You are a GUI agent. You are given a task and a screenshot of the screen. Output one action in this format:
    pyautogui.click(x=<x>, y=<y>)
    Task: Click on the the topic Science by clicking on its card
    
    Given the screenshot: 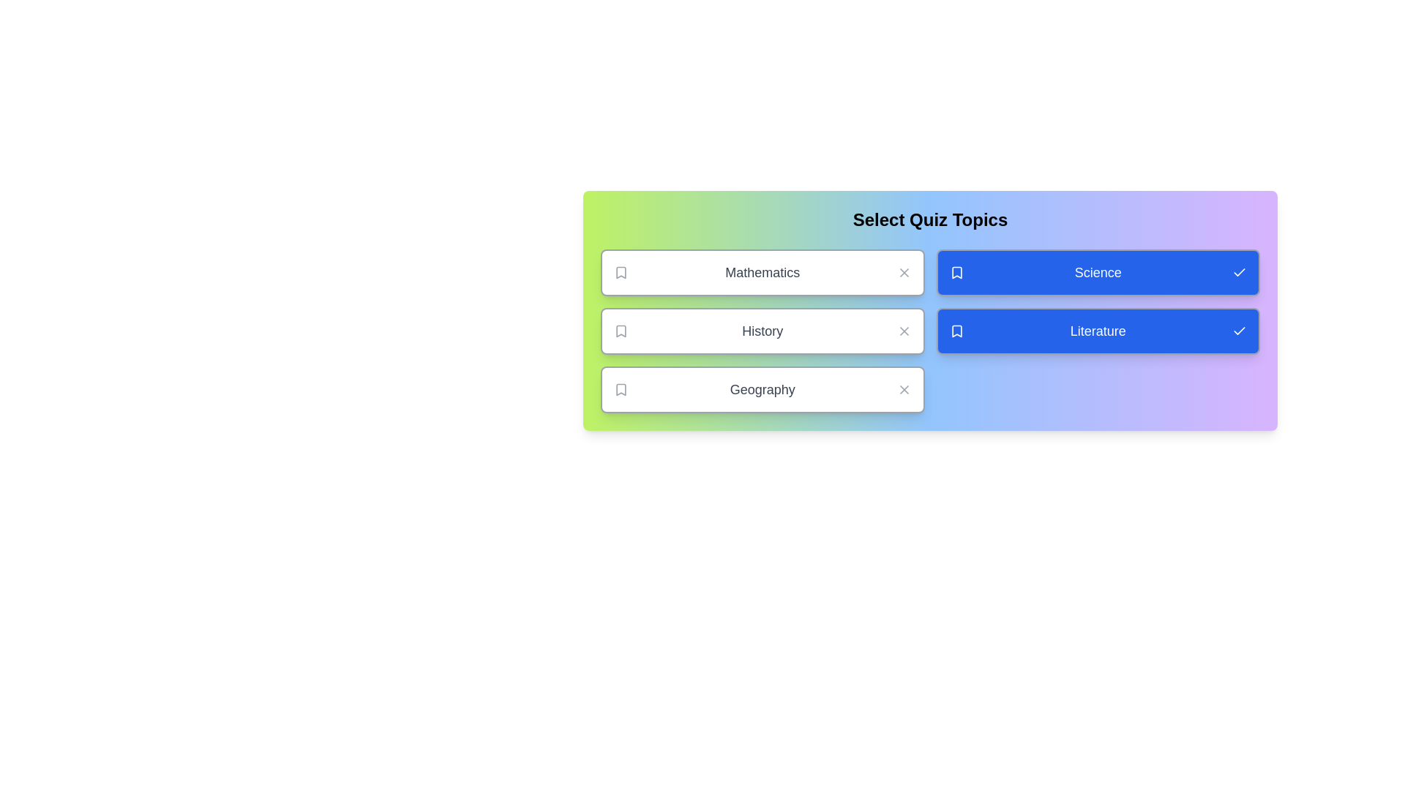 What is the action you would take?
    pyautogui.click(x=1098, y=273)
    